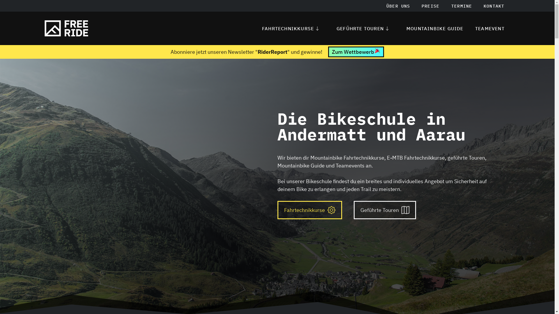  I want to click on 'PREISE', so click(430, 6).